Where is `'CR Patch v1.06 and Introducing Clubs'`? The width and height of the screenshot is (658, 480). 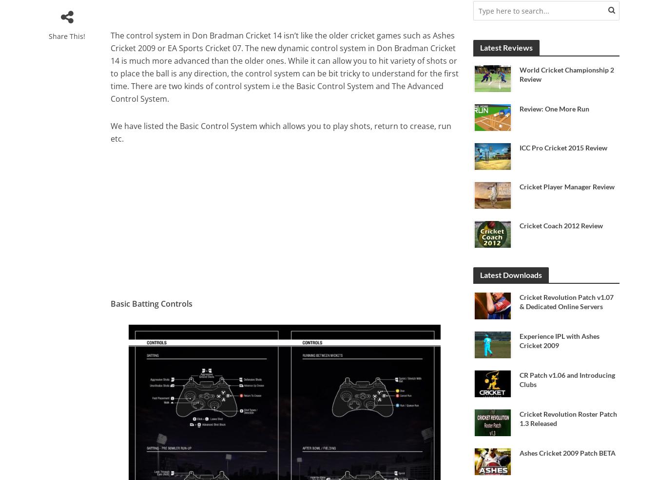
'CR Patch v1.06 and Introducing Clubs' is located at coordinates (566, 380).